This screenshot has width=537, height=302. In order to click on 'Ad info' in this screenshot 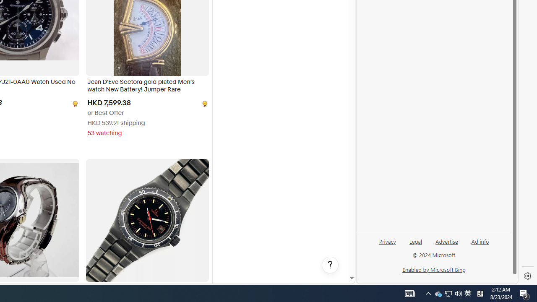, I will do `click(480, 241)`.